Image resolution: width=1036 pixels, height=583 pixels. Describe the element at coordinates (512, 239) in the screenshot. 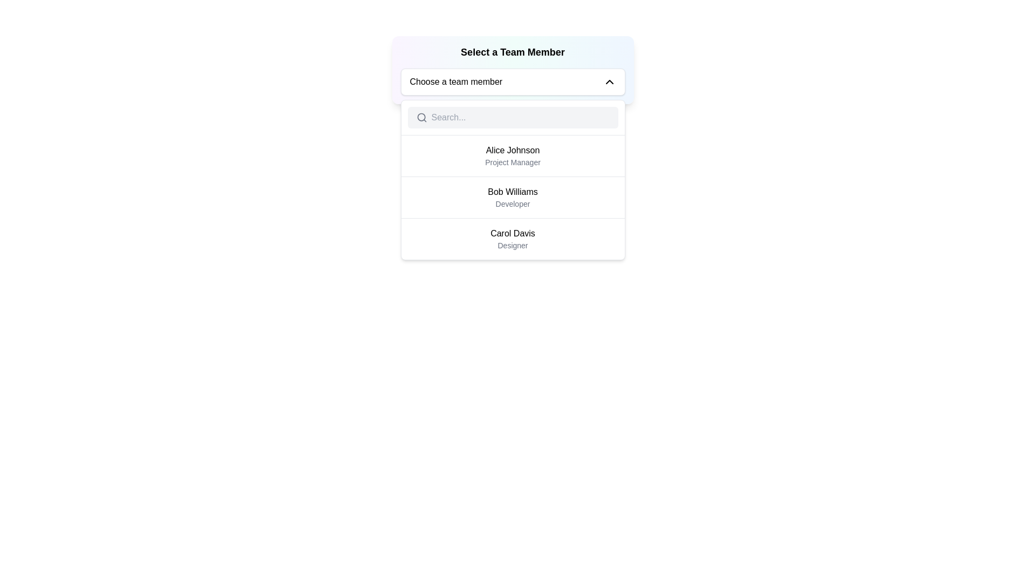

I see `the list item containing the name 'Carol Davis' and the role 'Designer'` at that location.